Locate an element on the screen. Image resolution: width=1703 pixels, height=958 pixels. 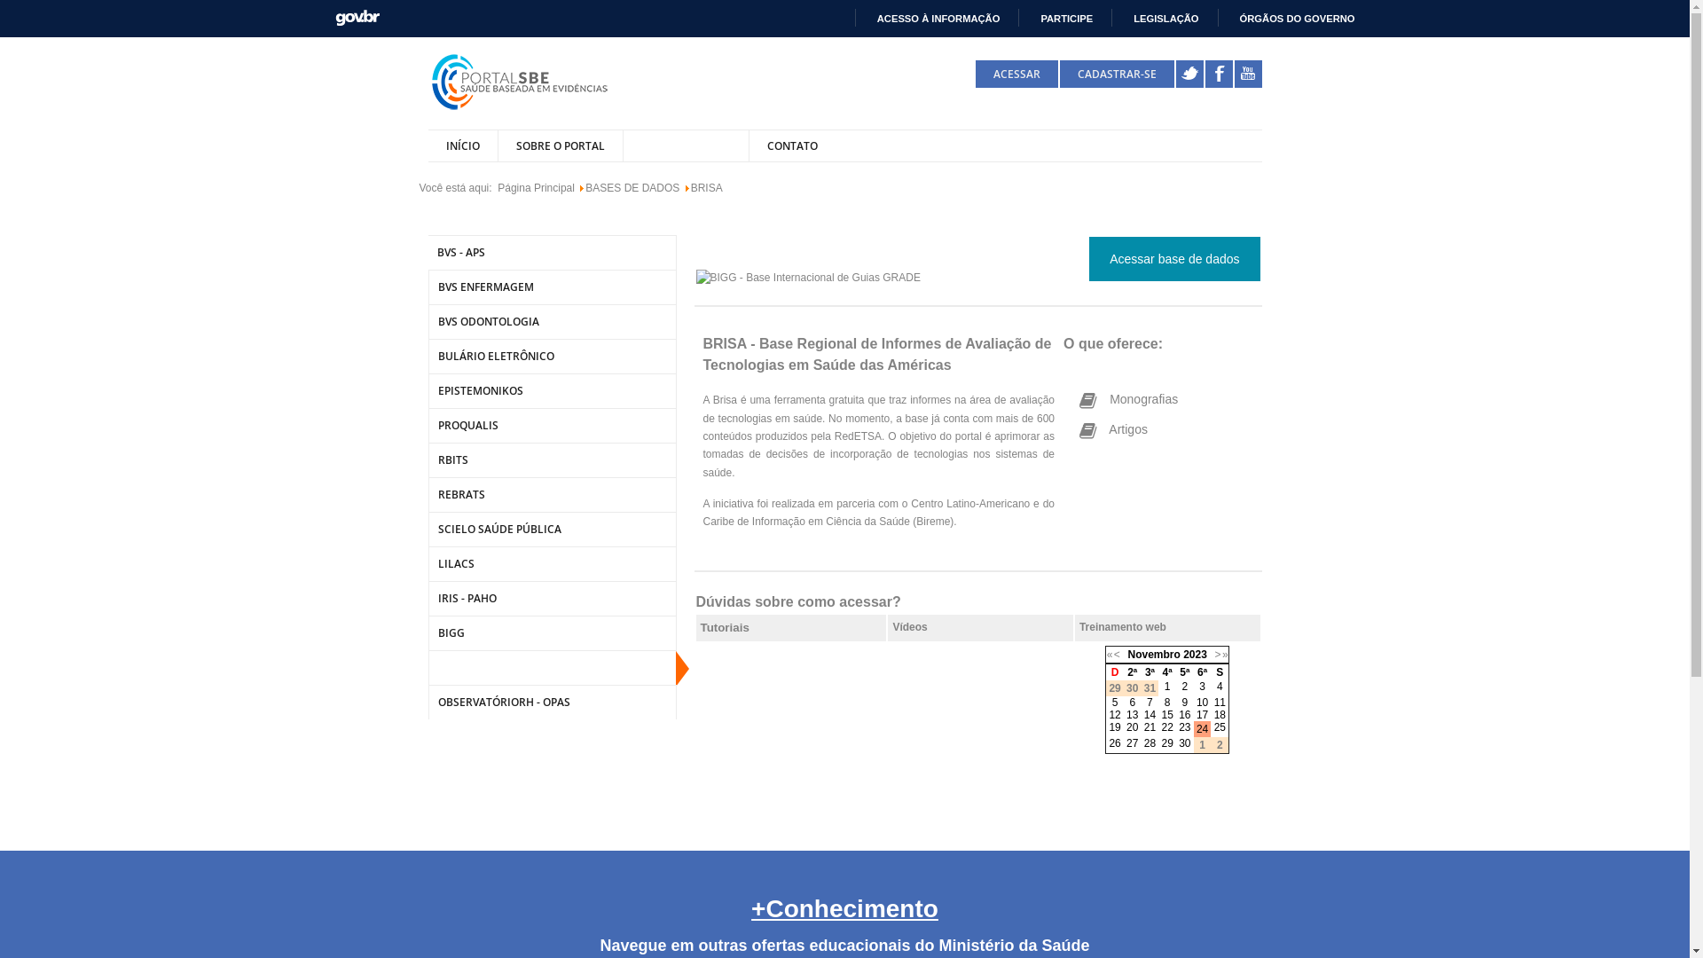
'BASES DE DADOS' is located at coordinates (633, 188).